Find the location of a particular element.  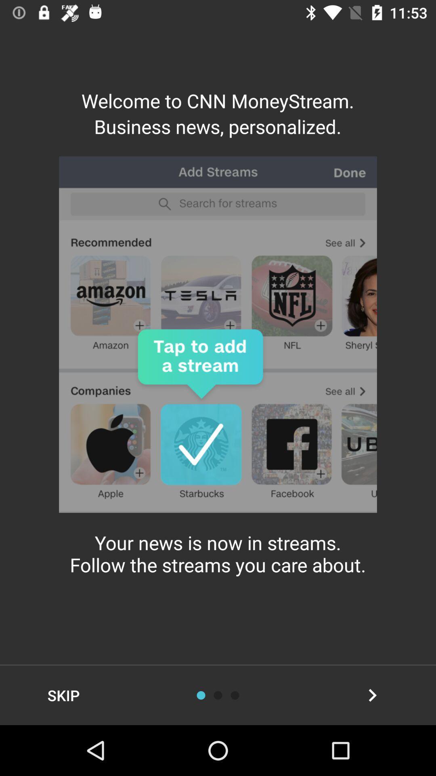

the item at the bottom right corner is located at coordinates (372, 695).